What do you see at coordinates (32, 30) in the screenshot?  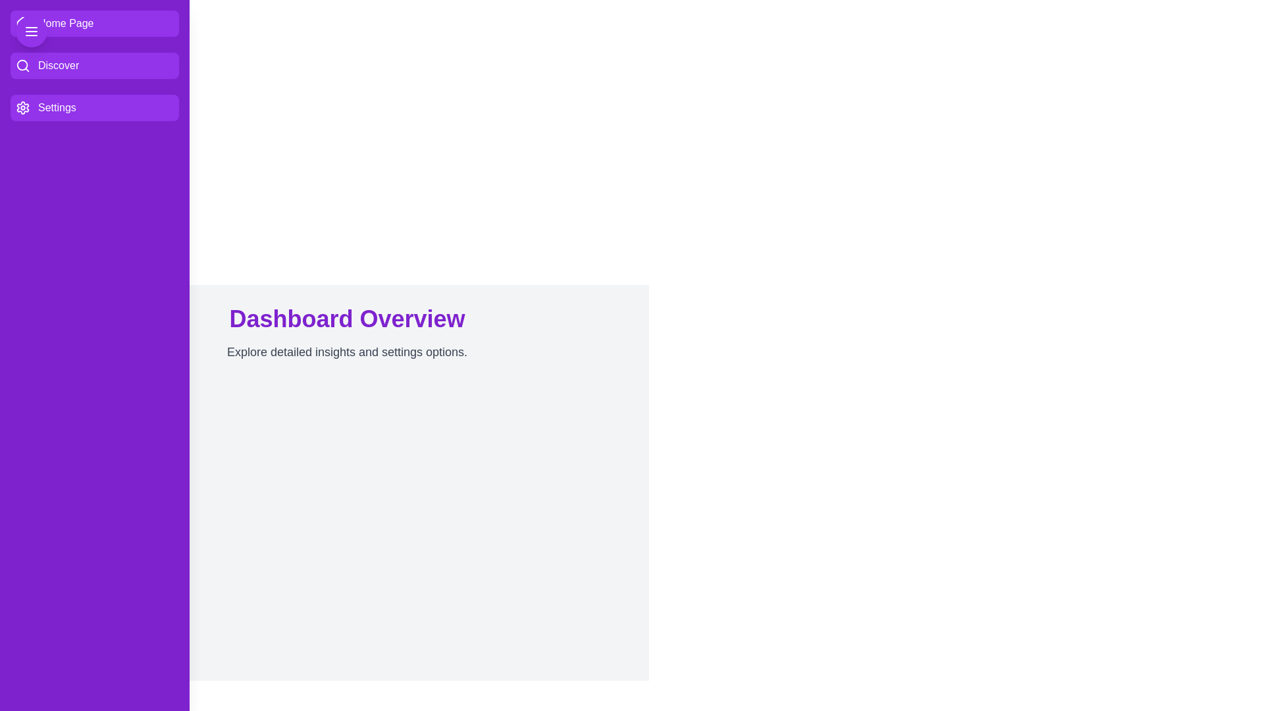 I see `the toggle button to change the visibility of the drawer` at bounding box center [32, 30].